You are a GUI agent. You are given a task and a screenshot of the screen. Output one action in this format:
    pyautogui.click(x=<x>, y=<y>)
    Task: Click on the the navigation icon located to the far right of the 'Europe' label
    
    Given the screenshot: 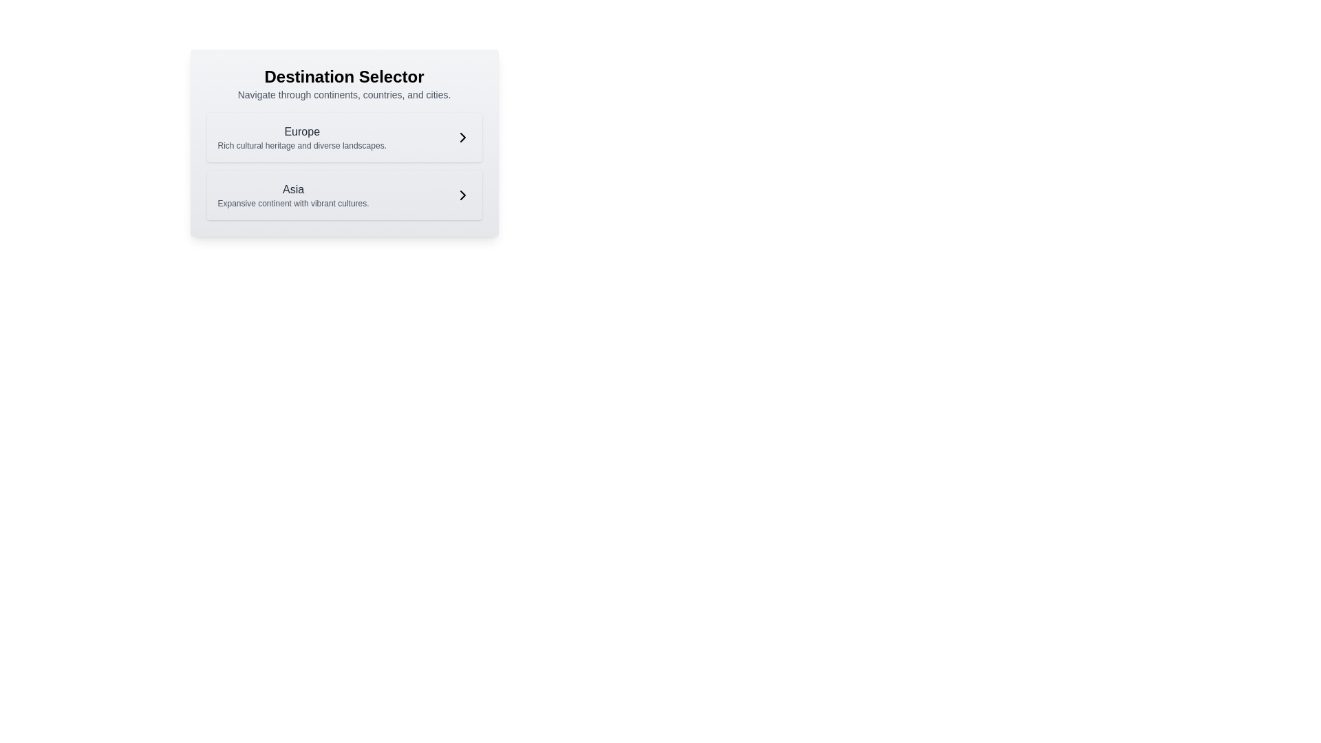 What is the action you would take?
    pyautogui.click(x=462, y=138)
    